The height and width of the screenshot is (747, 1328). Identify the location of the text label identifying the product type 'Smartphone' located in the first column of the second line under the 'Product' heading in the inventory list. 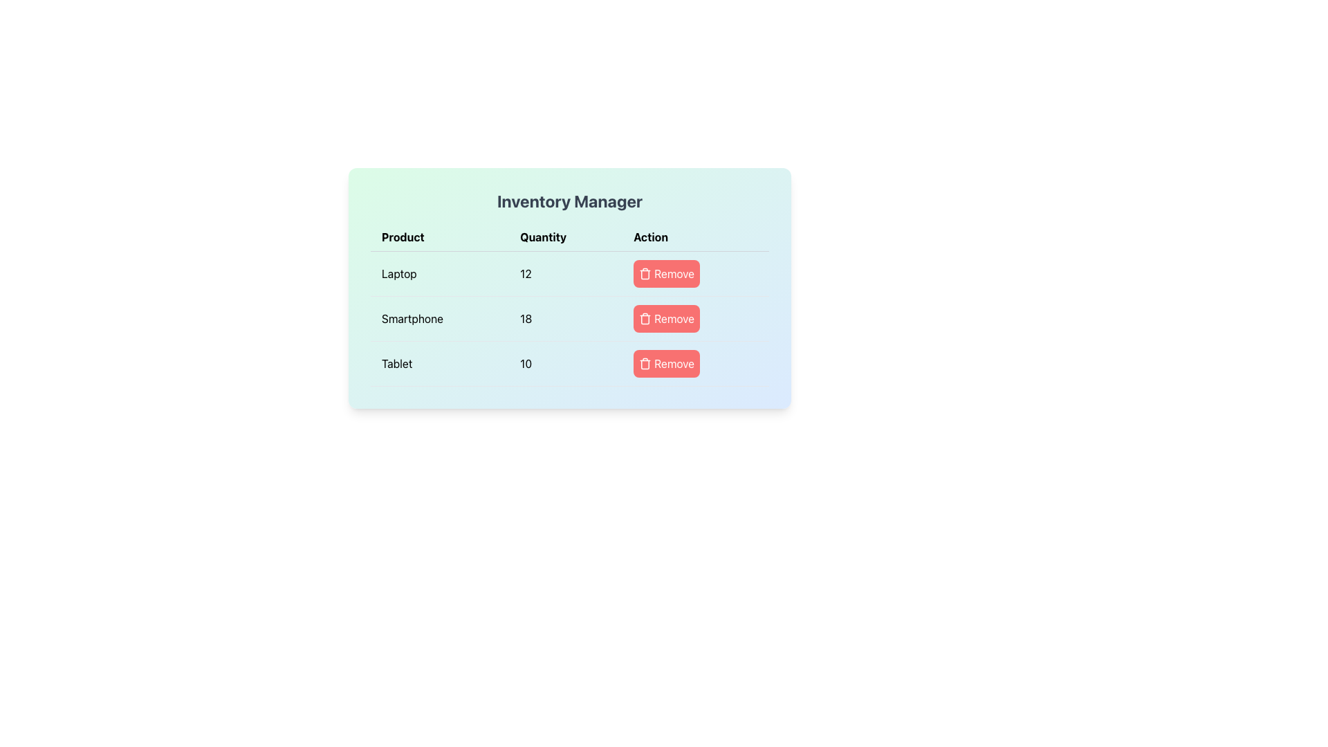
(439, 319).